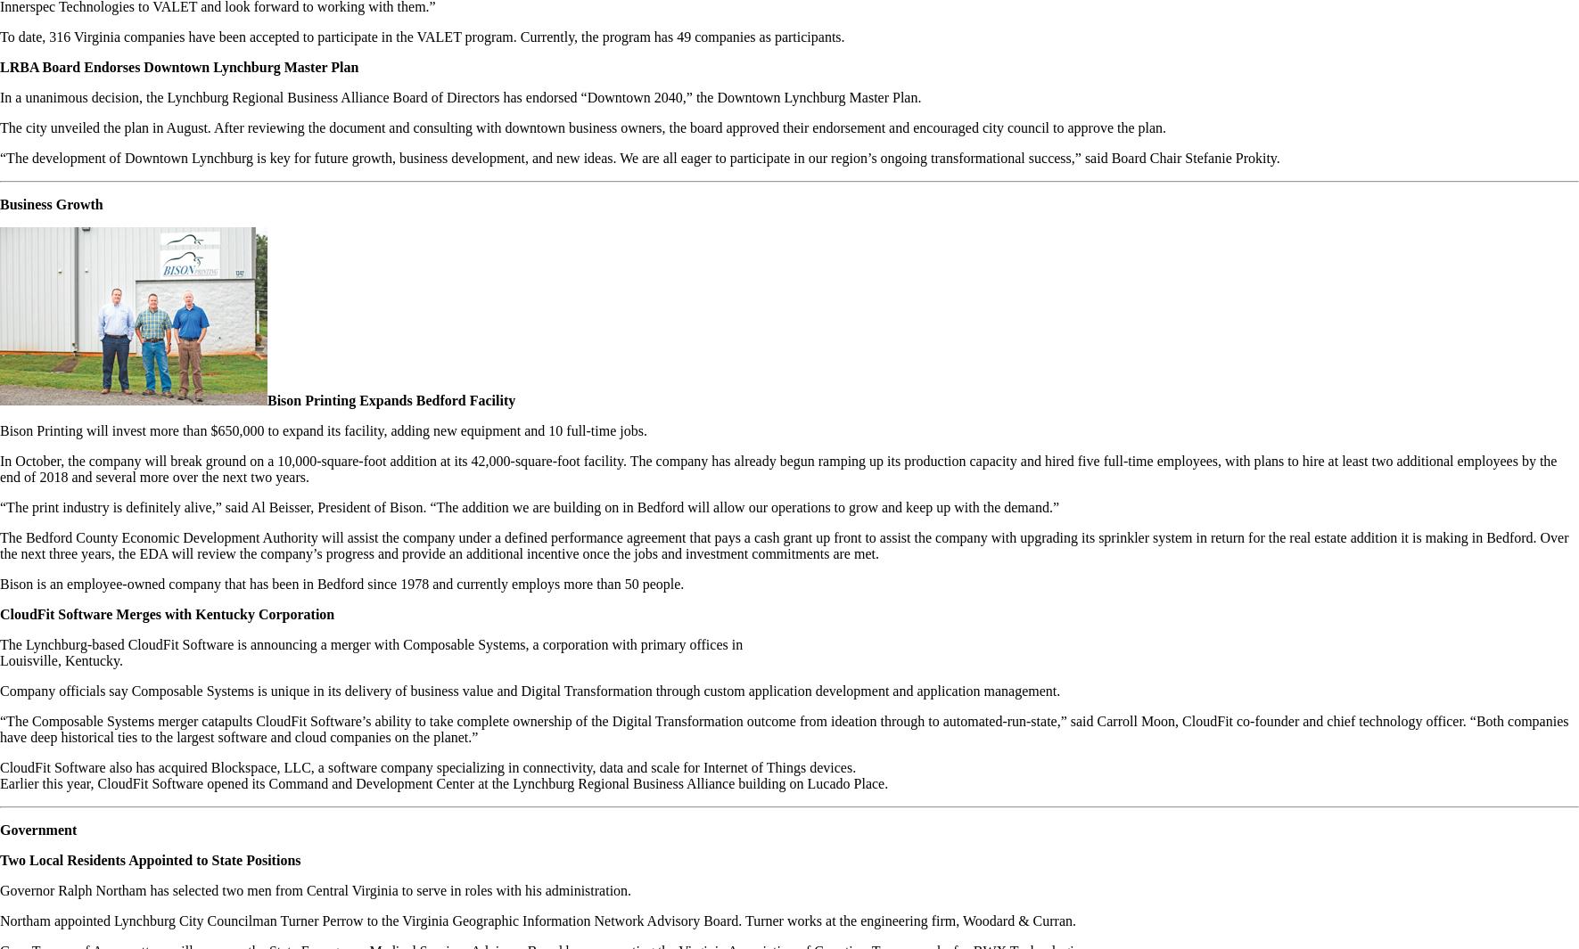  What do you see at coordinates (0, 507) in the screenshot?
I see `'“The print industry is definitely alive,” said Al Beisser, President of Bison. “The addition we are building on in Bedford will allow our operations to grow and keep up with the demand.”'` at bounding box center [0, 507].